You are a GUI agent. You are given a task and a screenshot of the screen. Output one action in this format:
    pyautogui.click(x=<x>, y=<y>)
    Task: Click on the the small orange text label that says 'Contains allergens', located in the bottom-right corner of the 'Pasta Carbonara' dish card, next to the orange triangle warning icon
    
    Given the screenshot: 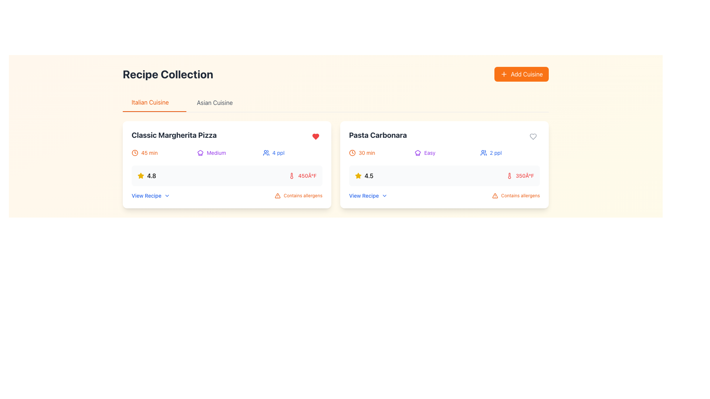 What is the action you would take?
    pyautogui.click(x=303, y=195)
    